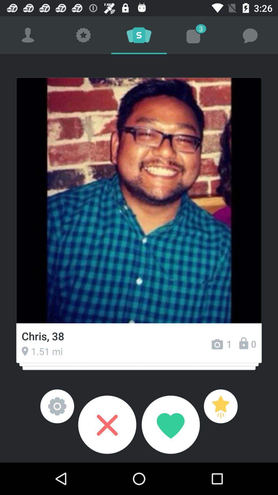  What do you see at coordinates (220, 406) in the screenshot?
I see `the star icon` at bounding box center [220, 406].